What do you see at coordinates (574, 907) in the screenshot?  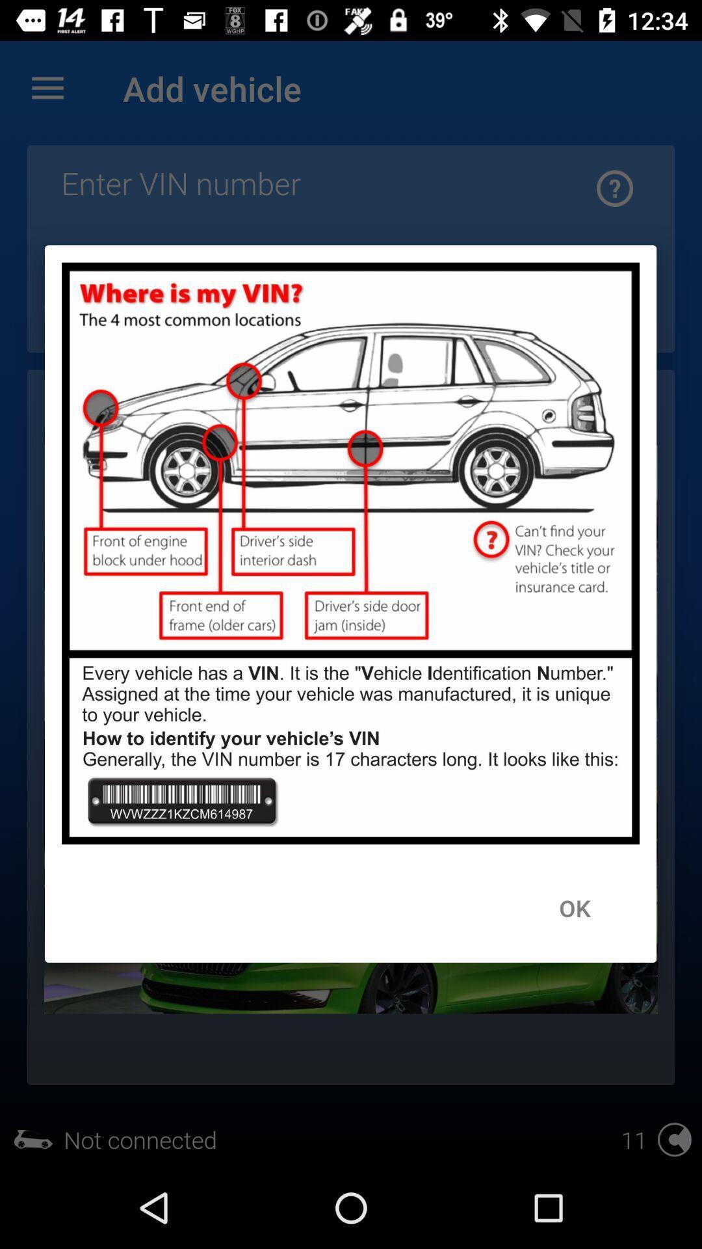 I see `the ok item` at bounding box center [574, 907].